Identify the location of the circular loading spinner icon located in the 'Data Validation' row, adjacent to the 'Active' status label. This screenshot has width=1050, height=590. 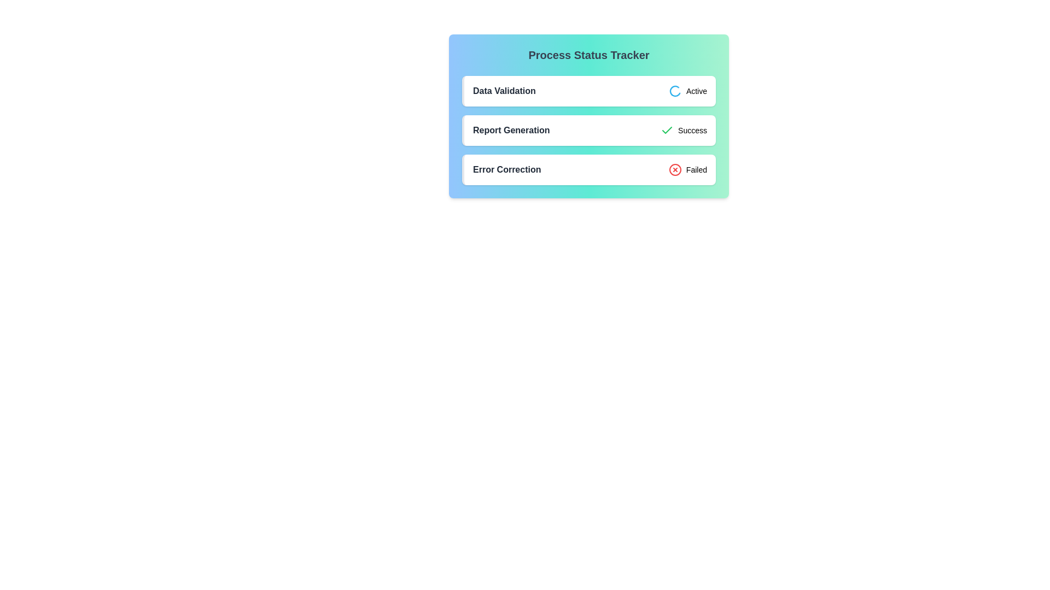
(674, 90).